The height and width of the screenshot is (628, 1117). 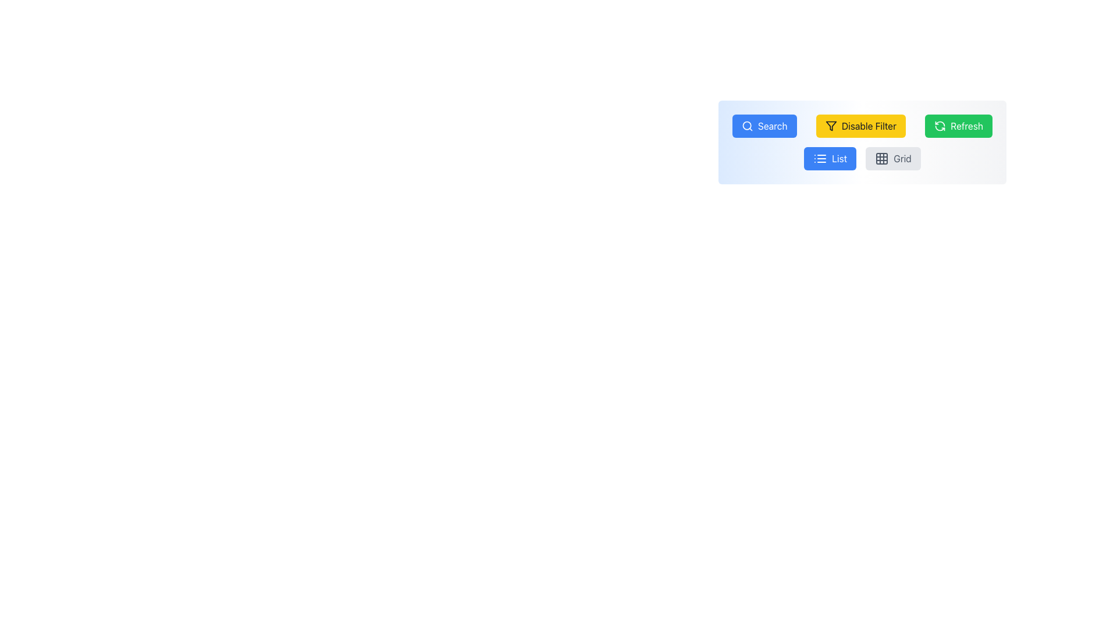 What do you see at coordinates (830, 126) in the screenshot?
I see `the icon representing the 'Disable Filter' button located` at bounding box center [830, 126].